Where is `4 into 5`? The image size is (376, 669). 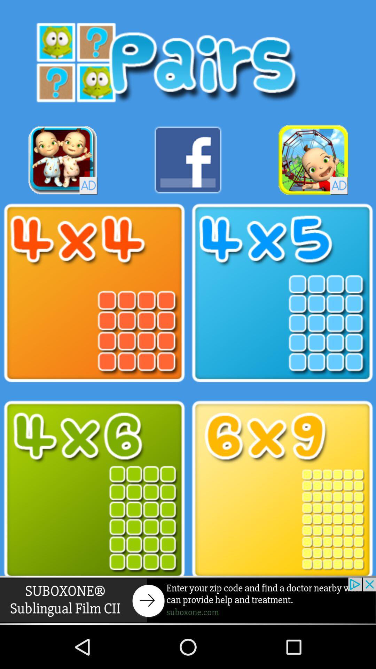 4 into 5 is located at coordinates (282, 293).